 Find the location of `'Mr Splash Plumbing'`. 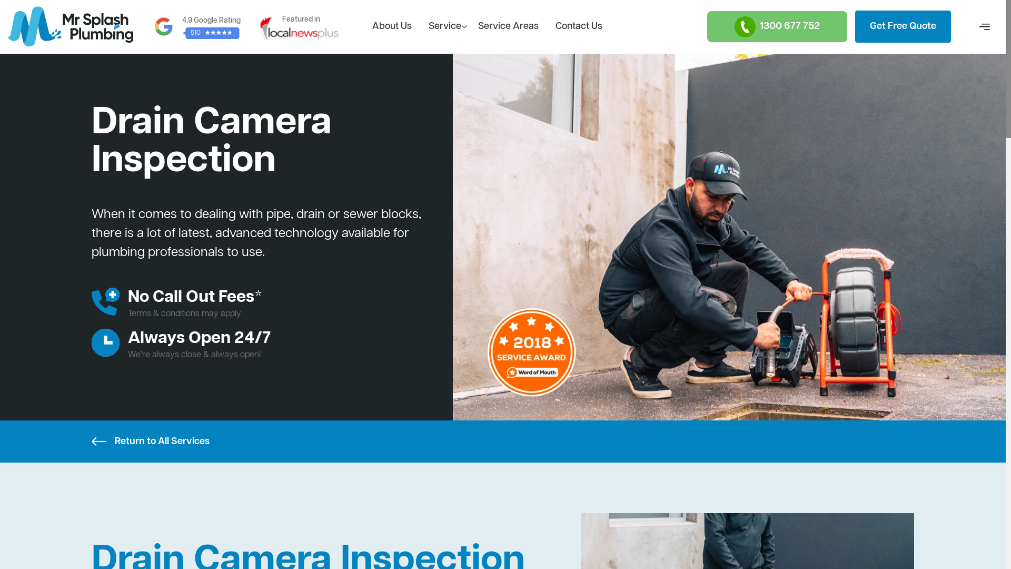

'Mr Splash Plumbing' is located at coordinates (7, 26).